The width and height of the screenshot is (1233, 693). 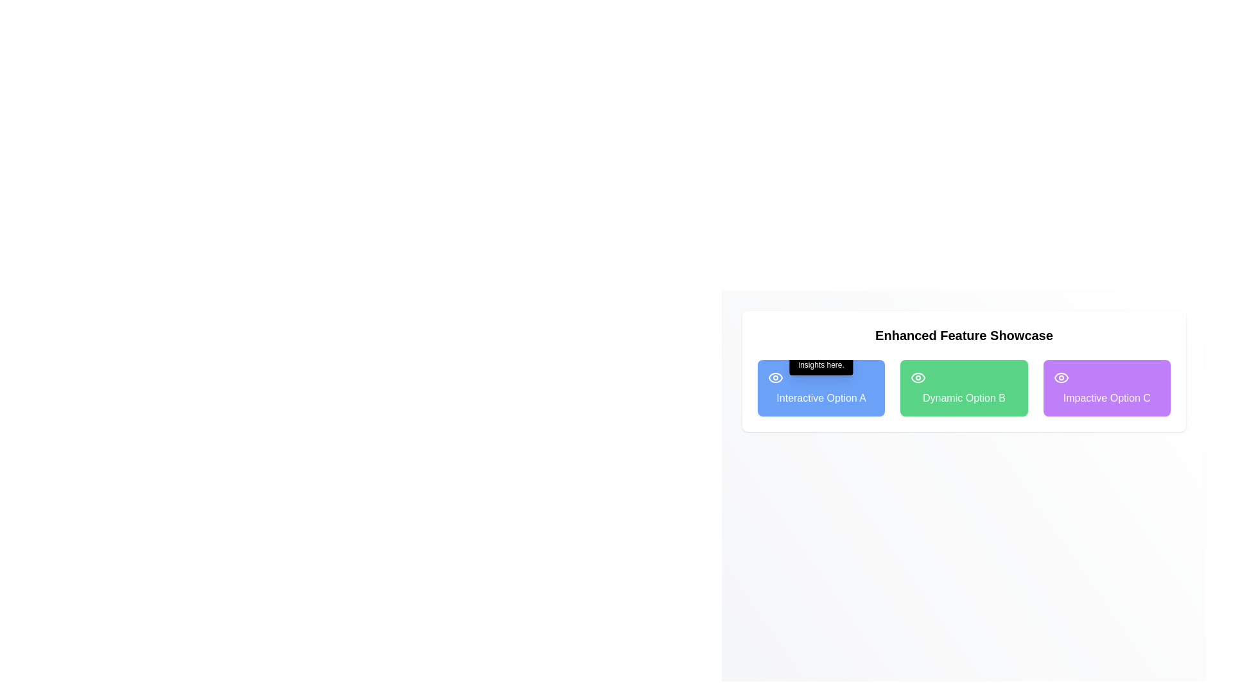 I want to click on the tooltip located above the blue button labeled 'Interactive Option A' in the 'Enhanced Feature Showcase' section, so click(x=821, y=354).